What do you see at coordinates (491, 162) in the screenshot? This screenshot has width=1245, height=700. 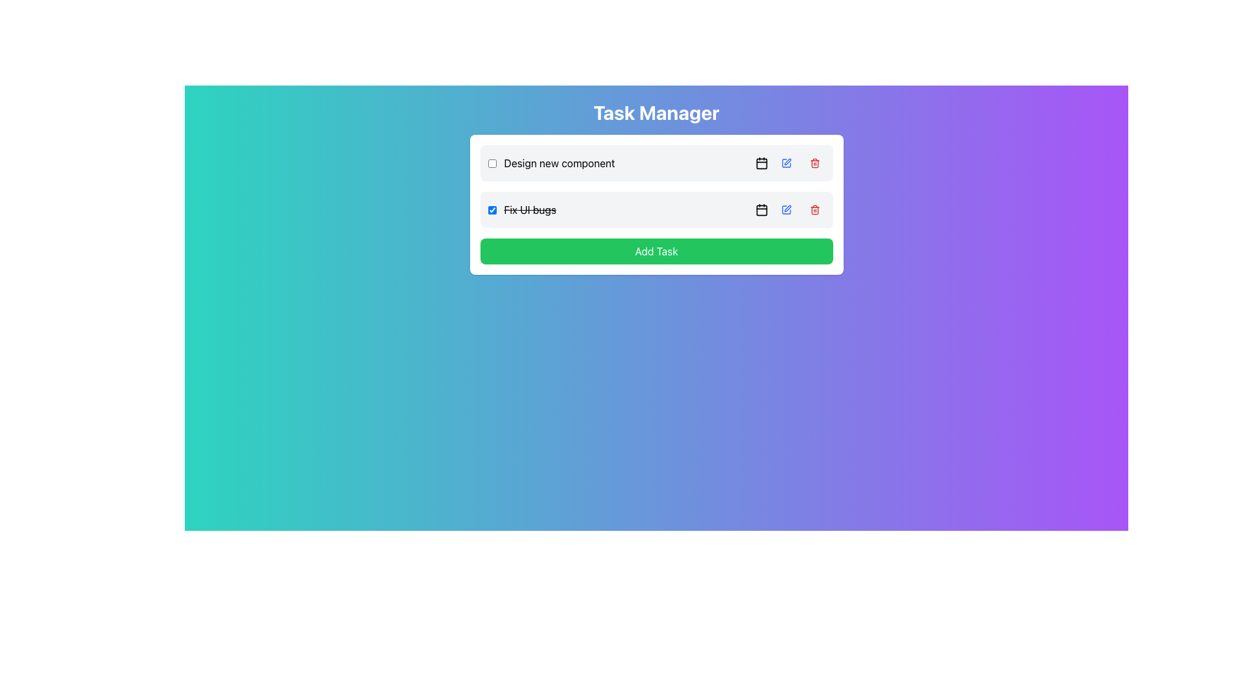 I see `the square-shaped checkbox with a red border` at bounding box center [491, 162].